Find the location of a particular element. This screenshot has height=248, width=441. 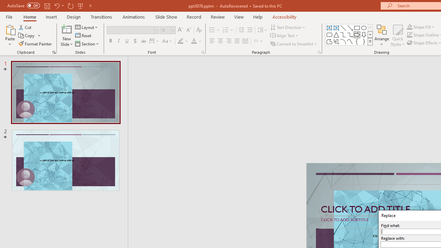

'Shape Fill Dark Green, Accent 2' is located at coordinates (410, 27).